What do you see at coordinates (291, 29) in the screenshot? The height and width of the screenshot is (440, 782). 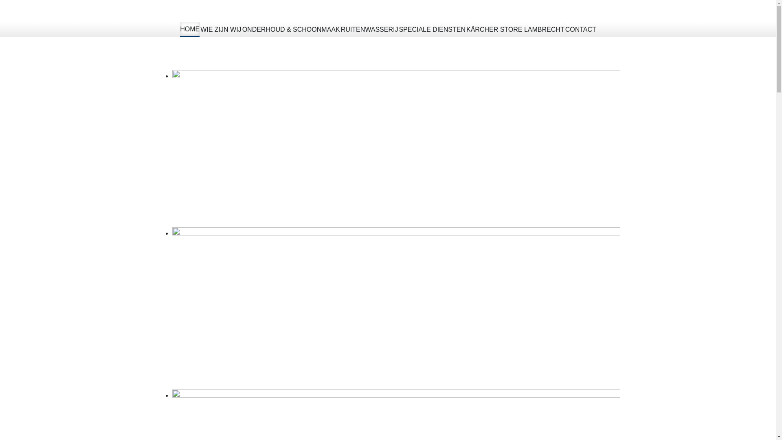 I see `'ONDERHOUD & SCHOONMAAK'` at bounding box center [291, 29].